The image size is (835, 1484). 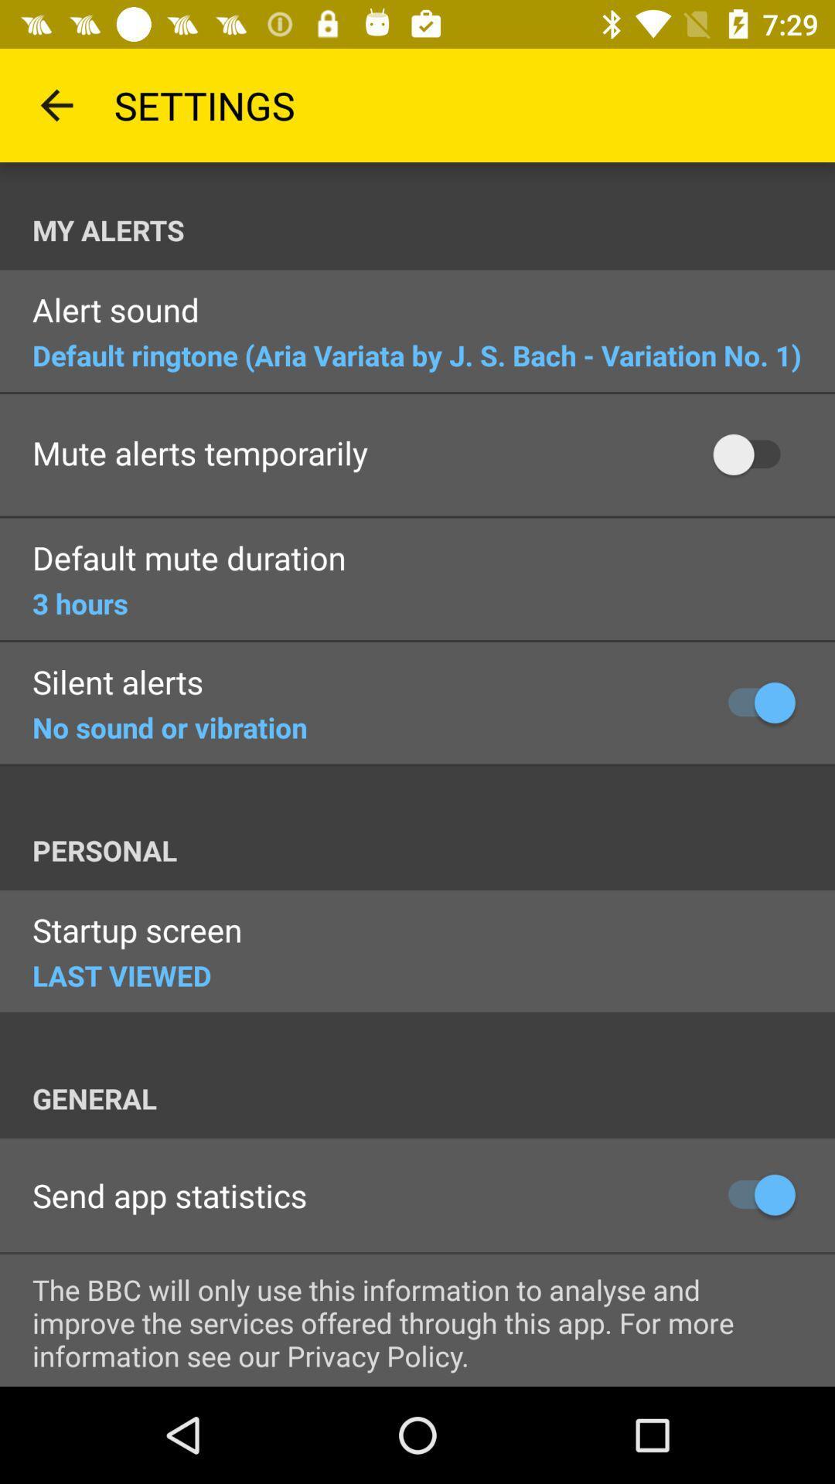 What do you see at coordinates (80, 602) in the screenshot?
I see `icon below default mute duration item` at bounding box center [80, 602].